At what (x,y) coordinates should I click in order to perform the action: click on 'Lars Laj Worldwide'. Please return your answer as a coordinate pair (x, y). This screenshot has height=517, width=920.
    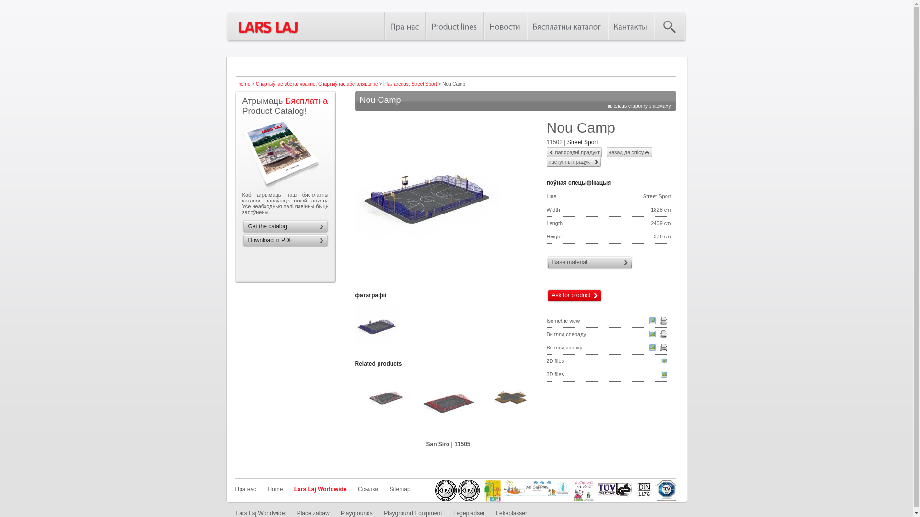
    Looking at the image, I should click on (320, 489).